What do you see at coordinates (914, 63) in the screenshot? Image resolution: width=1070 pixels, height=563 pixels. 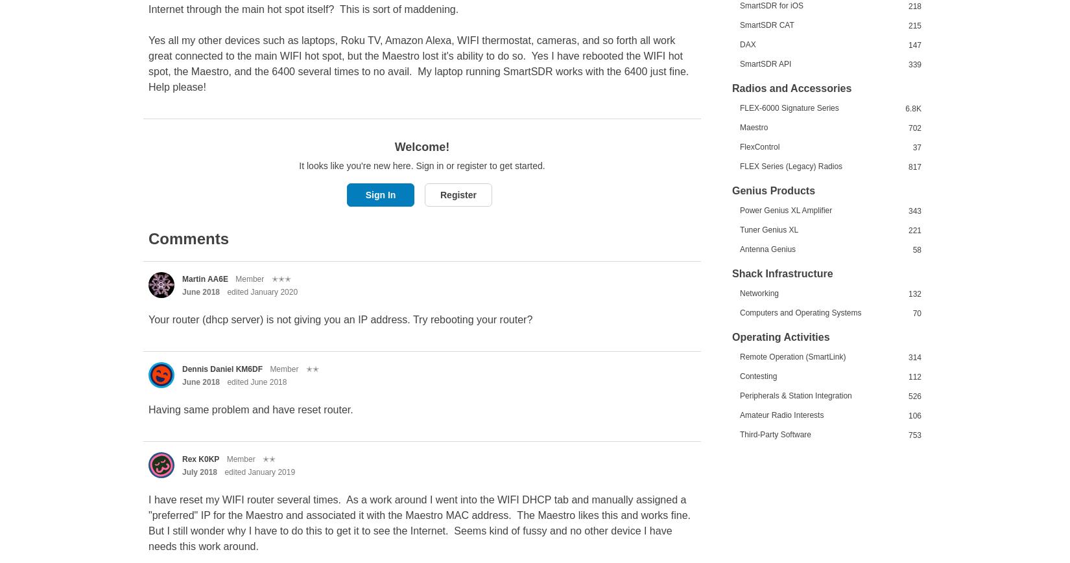 I see `'339'` at bounding box center [914, 63].